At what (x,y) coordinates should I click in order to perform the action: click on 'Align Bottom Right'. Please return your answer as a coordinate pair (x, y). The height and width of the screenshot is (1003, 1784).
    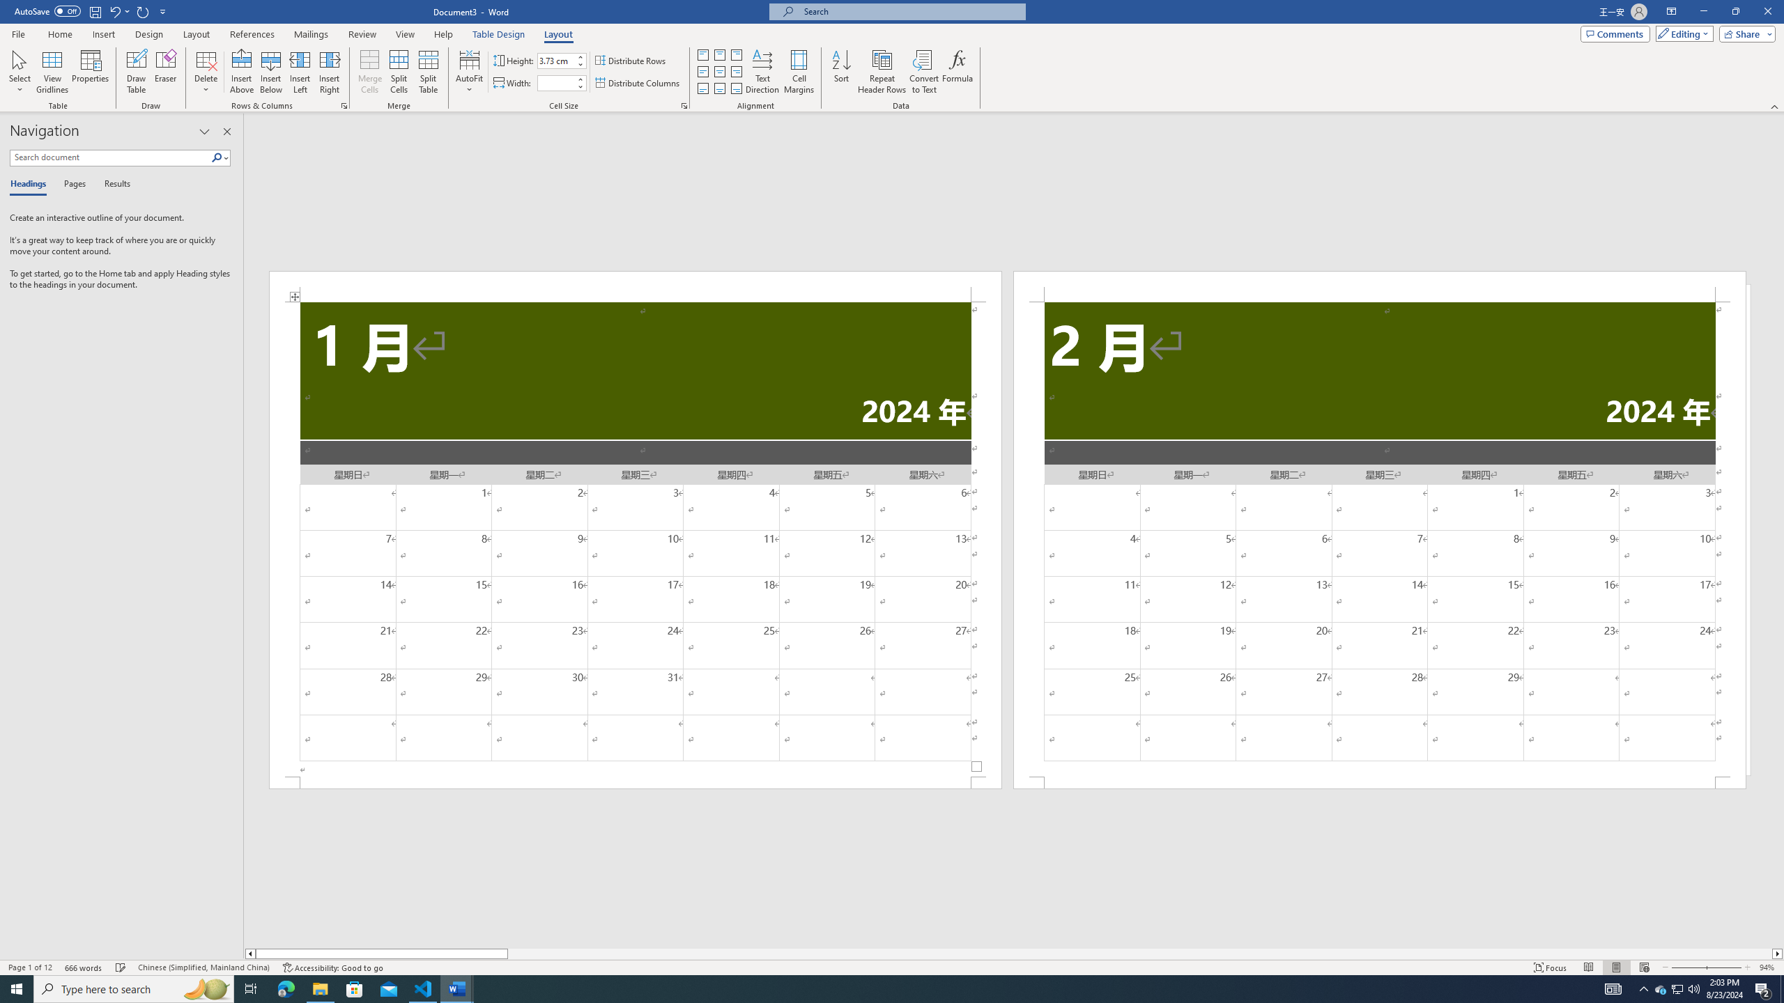
    Looking at the image, I should click on (736, 88).